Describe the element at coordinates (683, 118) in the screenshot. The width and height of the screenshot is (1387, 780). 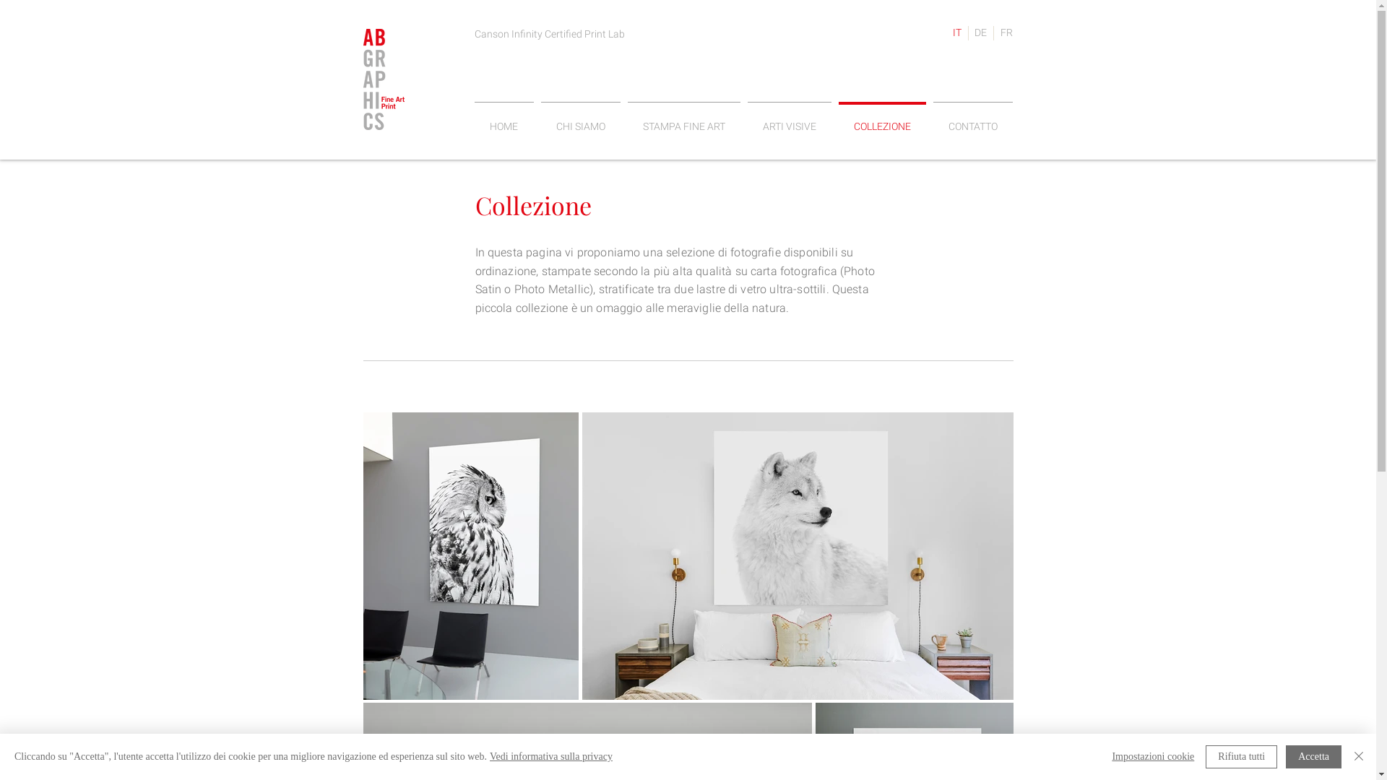
I see `'STAMPA FINE ART'` at that location.